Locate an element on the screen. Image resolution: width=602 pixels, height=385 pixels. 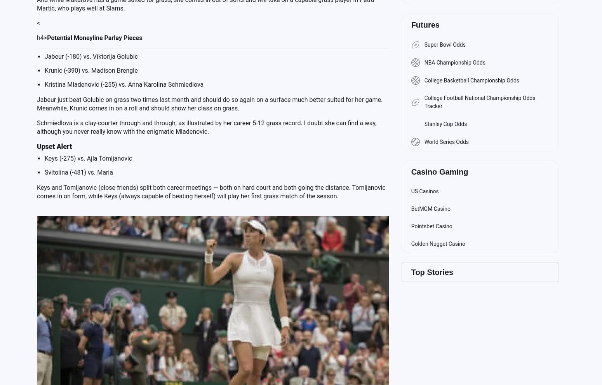
'Potential Moneyline Parlay Pieces' is located at coordinates (47, 37).